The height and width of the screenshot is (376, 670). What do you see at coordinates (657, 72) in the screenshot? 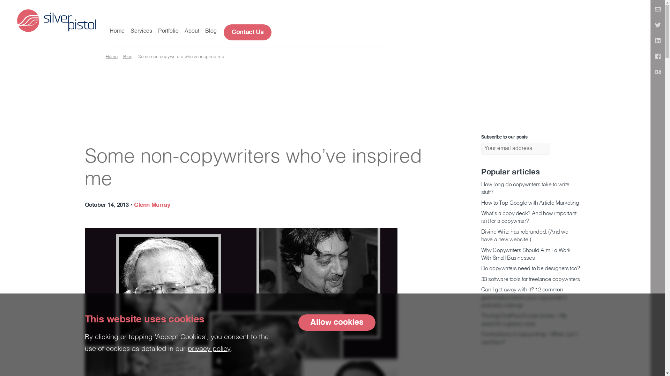
I see `'See us on Behance'` at bounding box center [657, 72].